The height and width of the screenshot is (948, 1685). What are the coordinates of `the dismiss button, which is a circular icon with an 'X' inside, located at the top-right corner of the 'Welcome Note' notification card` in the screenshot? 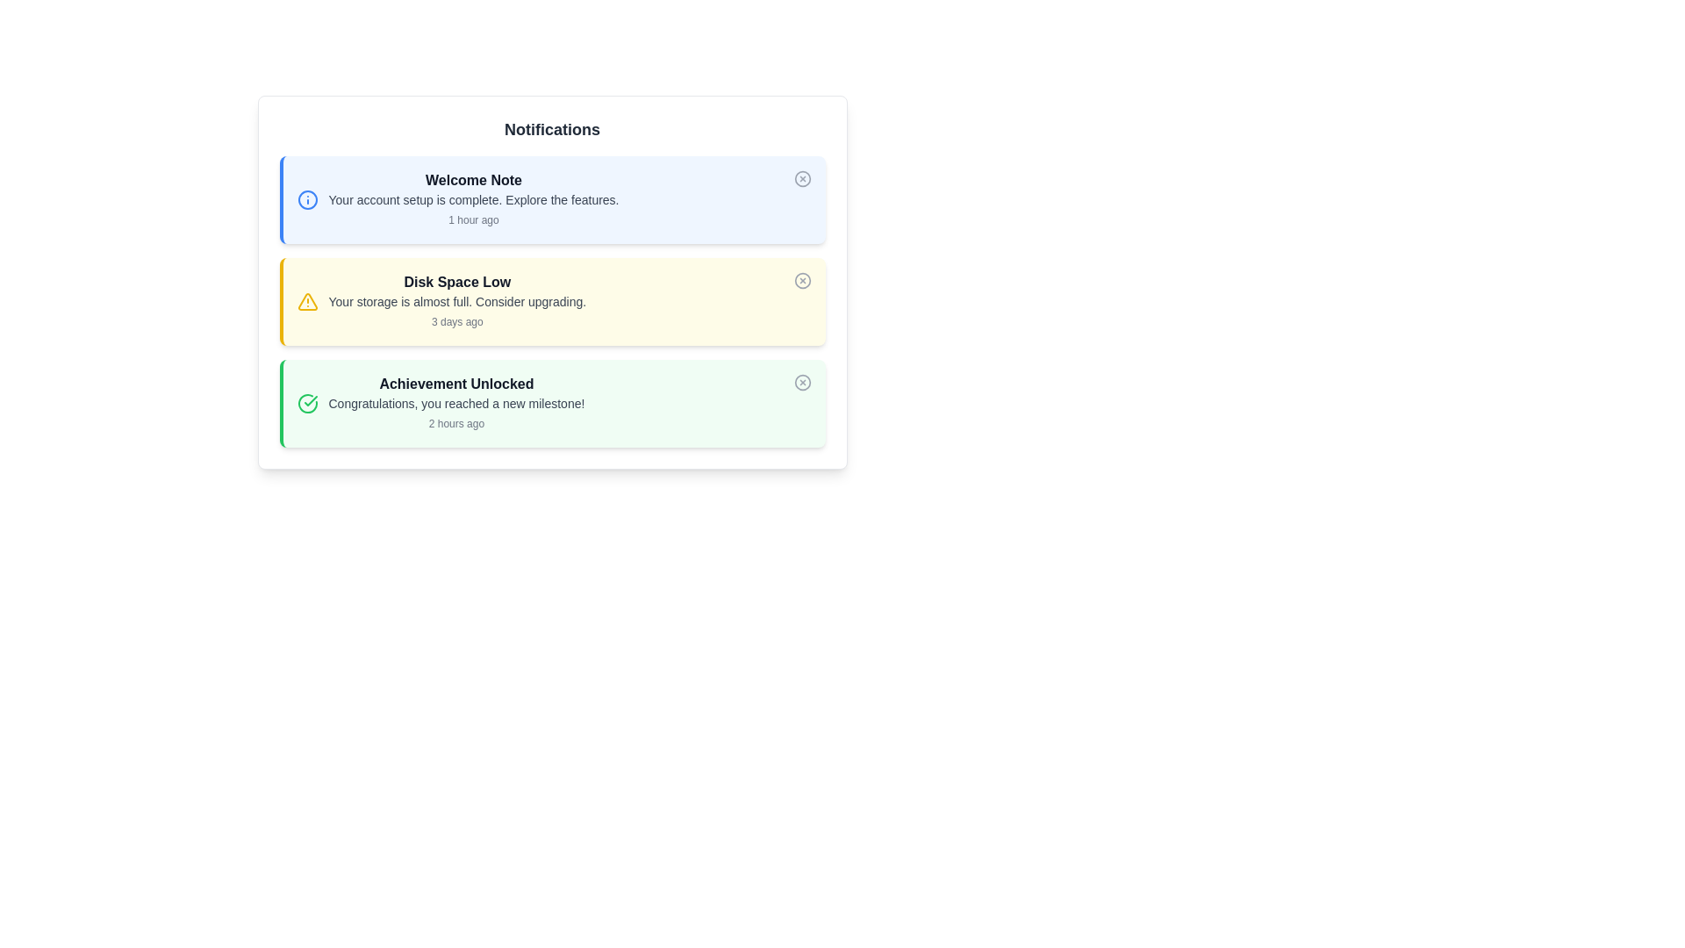 It's located at (801, 179).